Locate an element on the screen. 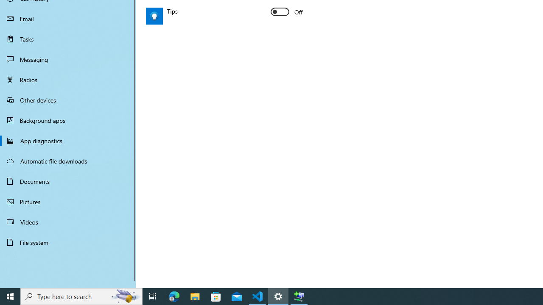 The height and width of the screenshot is (305, 543). 'Type here to search' is located at coordinates (81, 296).